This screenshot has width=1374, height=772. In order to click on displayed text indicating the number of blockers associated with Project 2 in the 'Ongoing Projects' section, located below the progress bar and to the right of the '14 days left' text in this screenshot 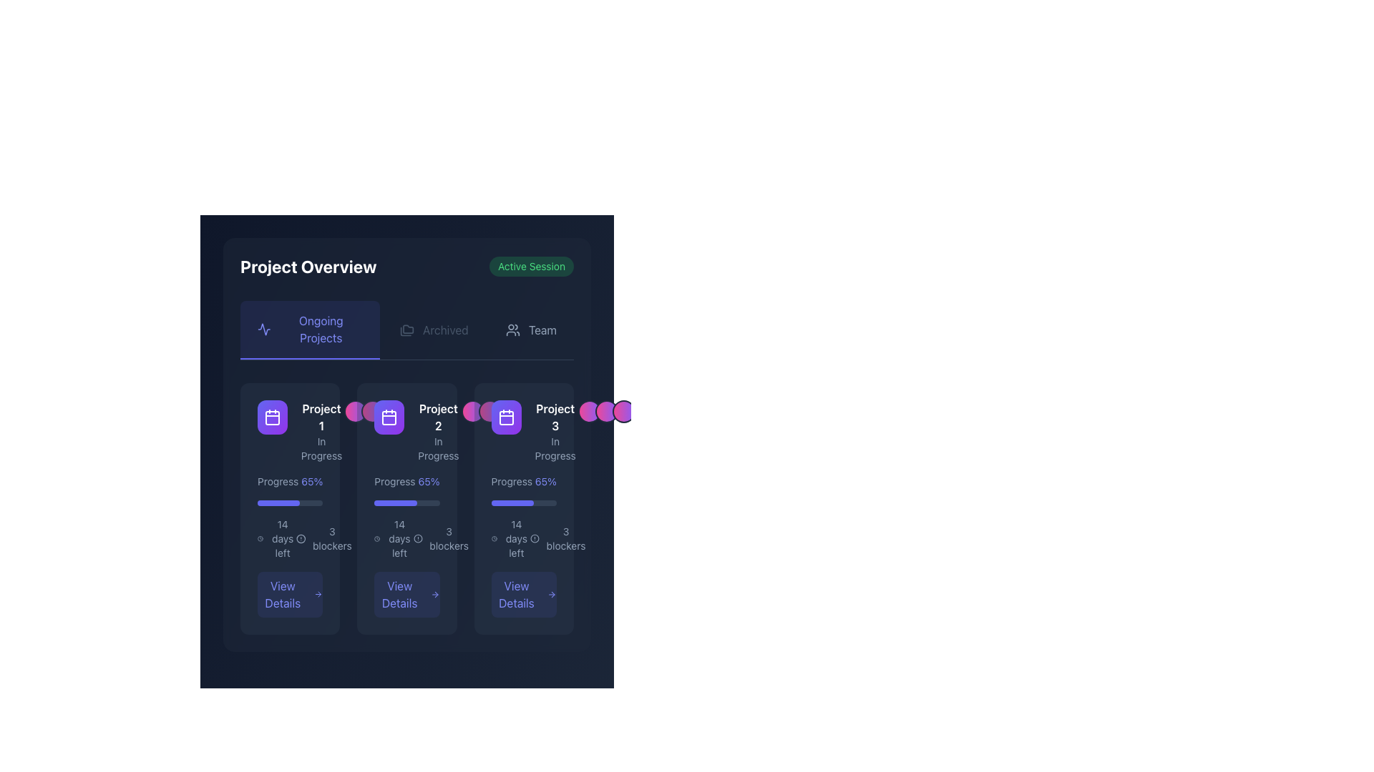, I will do `click(440, 538)`.